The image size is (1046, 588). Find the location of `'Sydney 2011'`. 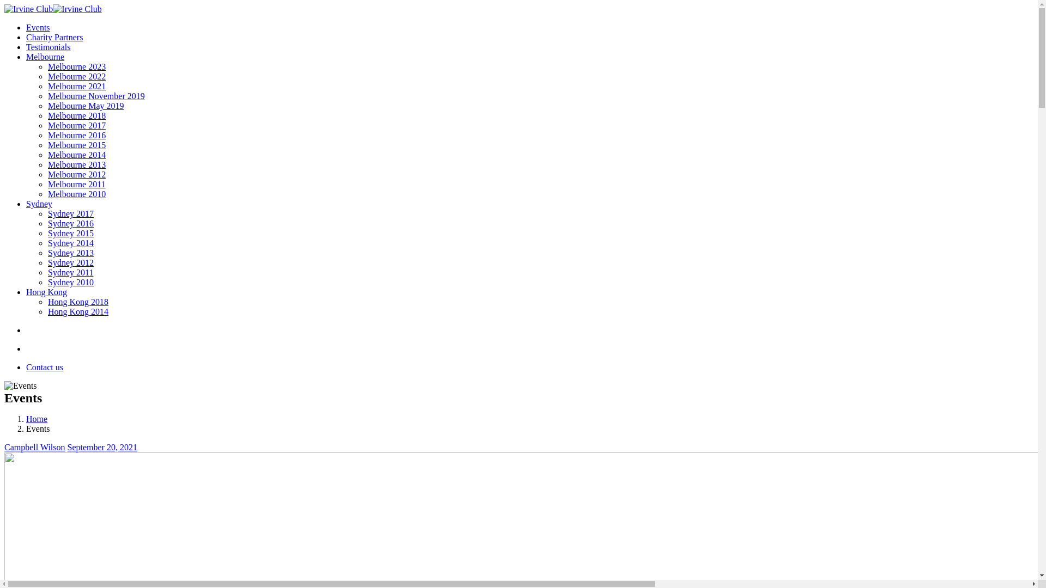

'Sydney 2011' is located at coordinates (70, 272).